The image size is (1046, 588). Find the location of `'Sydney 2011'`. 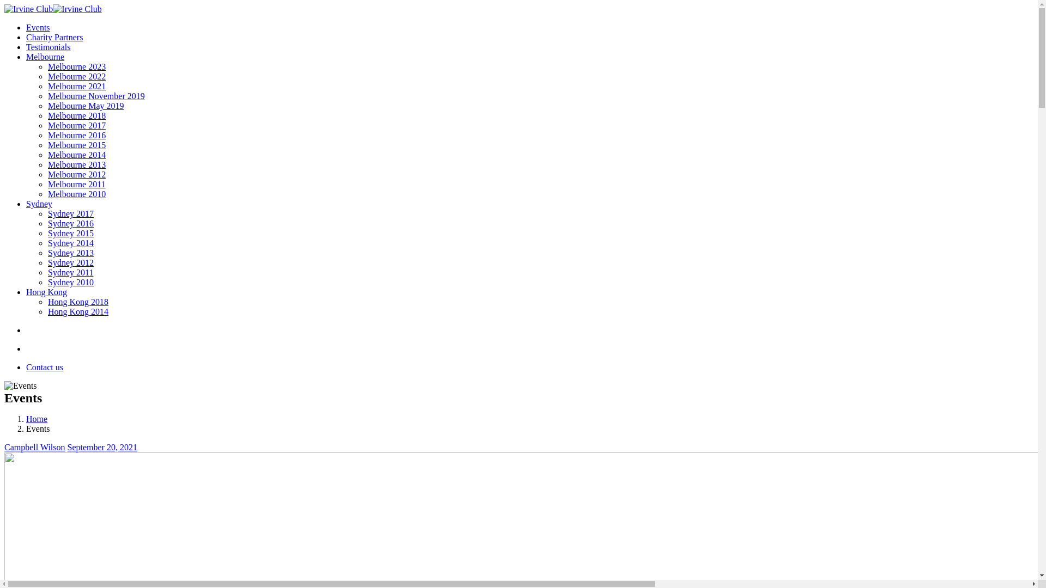

'Sydney 2011' is located at coordinates (70, 272).